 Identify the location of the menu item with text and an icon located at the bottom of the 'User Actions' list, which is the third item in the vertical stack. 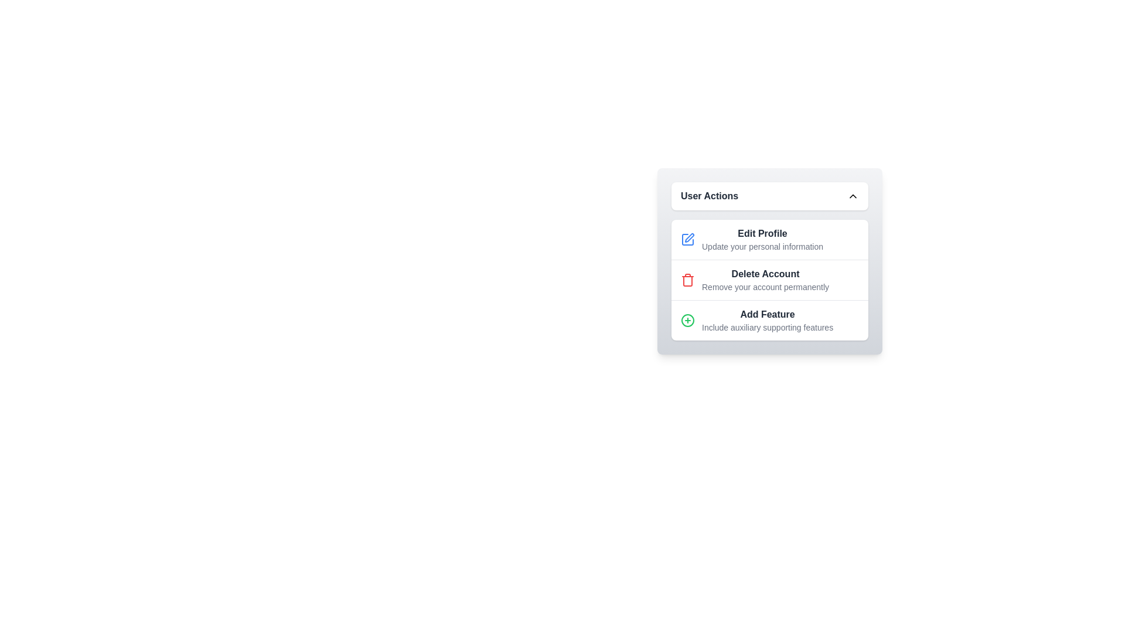
(770, 320).